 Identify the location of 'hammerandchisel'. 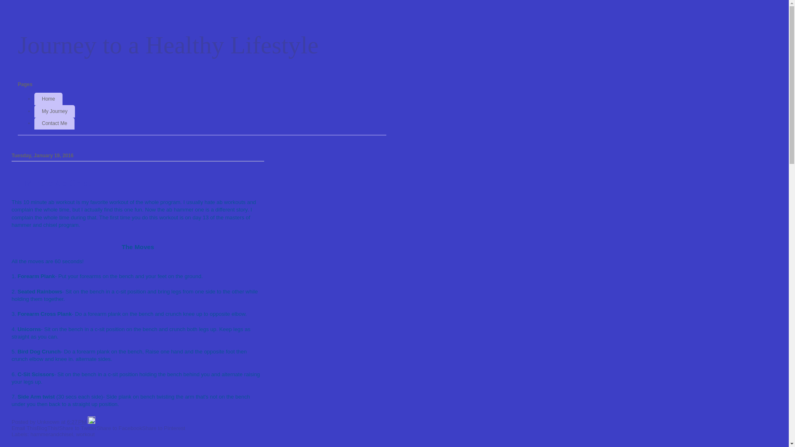
(51, 434).